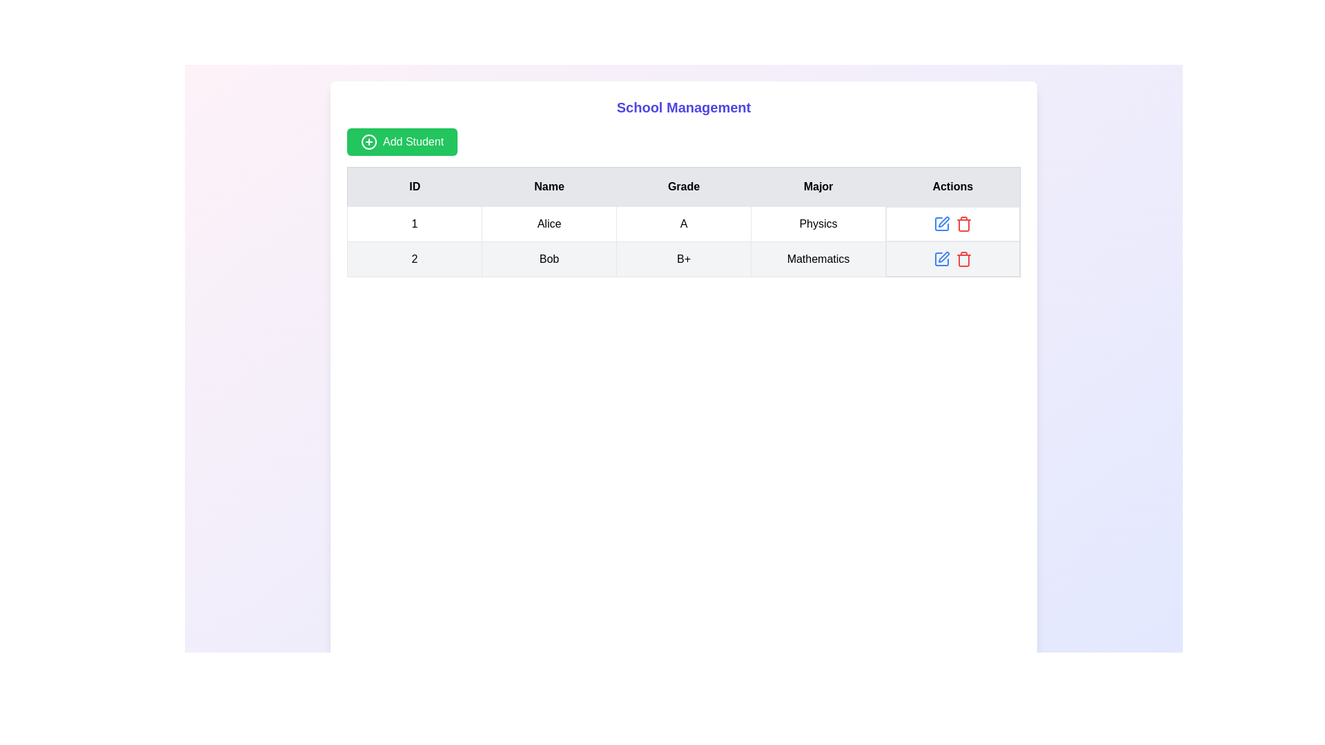 The image size is (1325, 745). What do you see at coordinates (683, 223) in the screenshot?
I see `the first row of the student records table` at bounding box center [683, 223].